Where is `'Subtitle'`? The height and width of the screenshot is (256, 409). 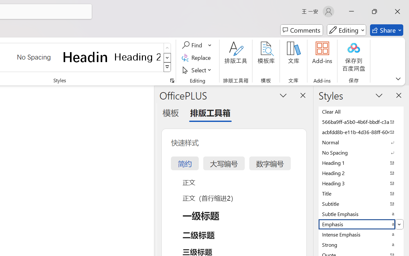 'Subtitle' is located at coordinates (361, 203).